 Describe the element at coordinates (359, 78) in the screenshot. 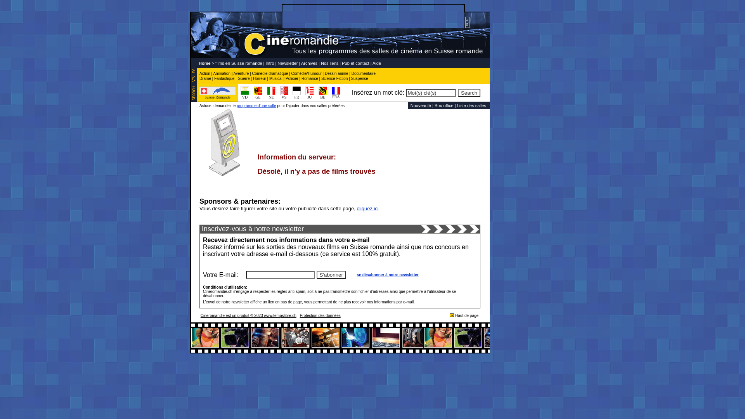

I see `'Suspense'` at that location.